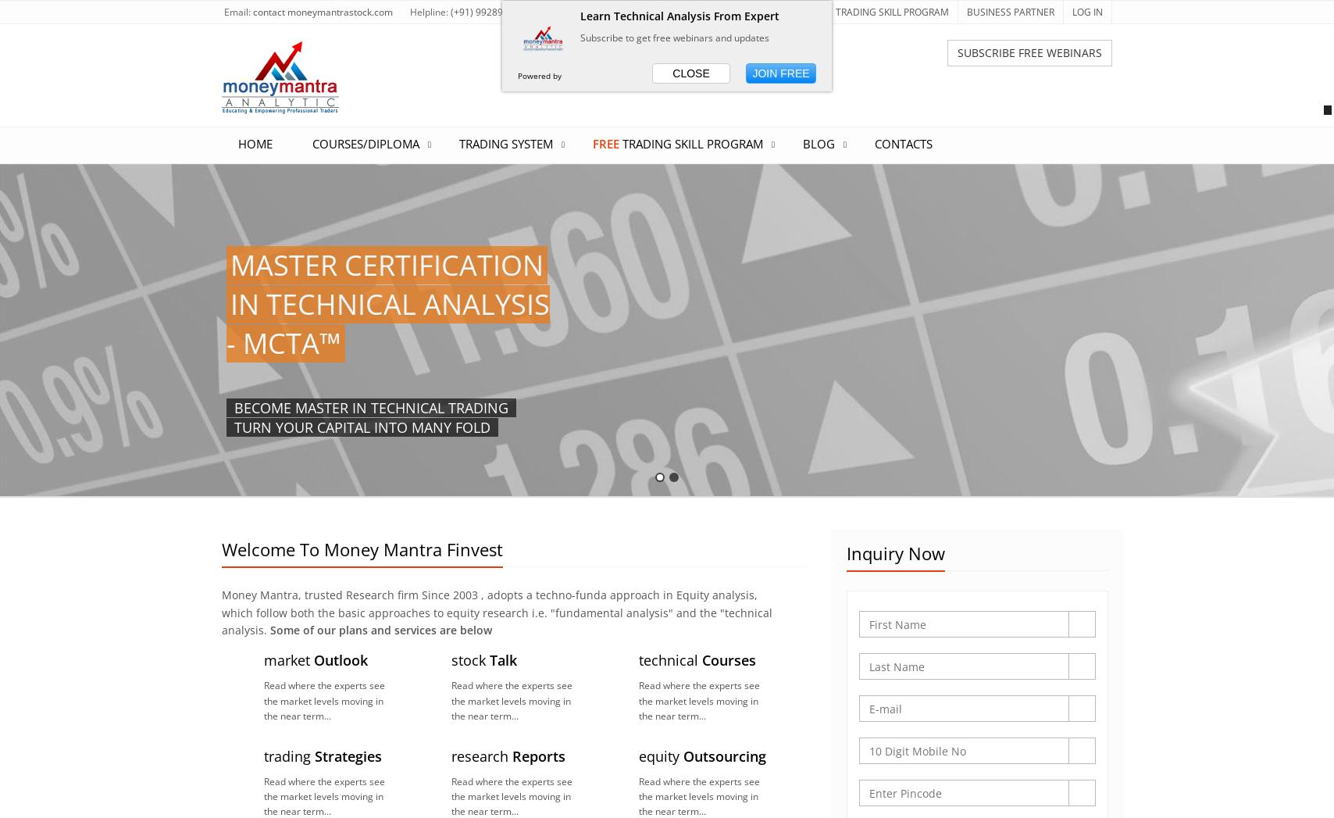 This screenshot has width=1334, height=818. I want to click on 'LOG IN', so click(1087, 11).